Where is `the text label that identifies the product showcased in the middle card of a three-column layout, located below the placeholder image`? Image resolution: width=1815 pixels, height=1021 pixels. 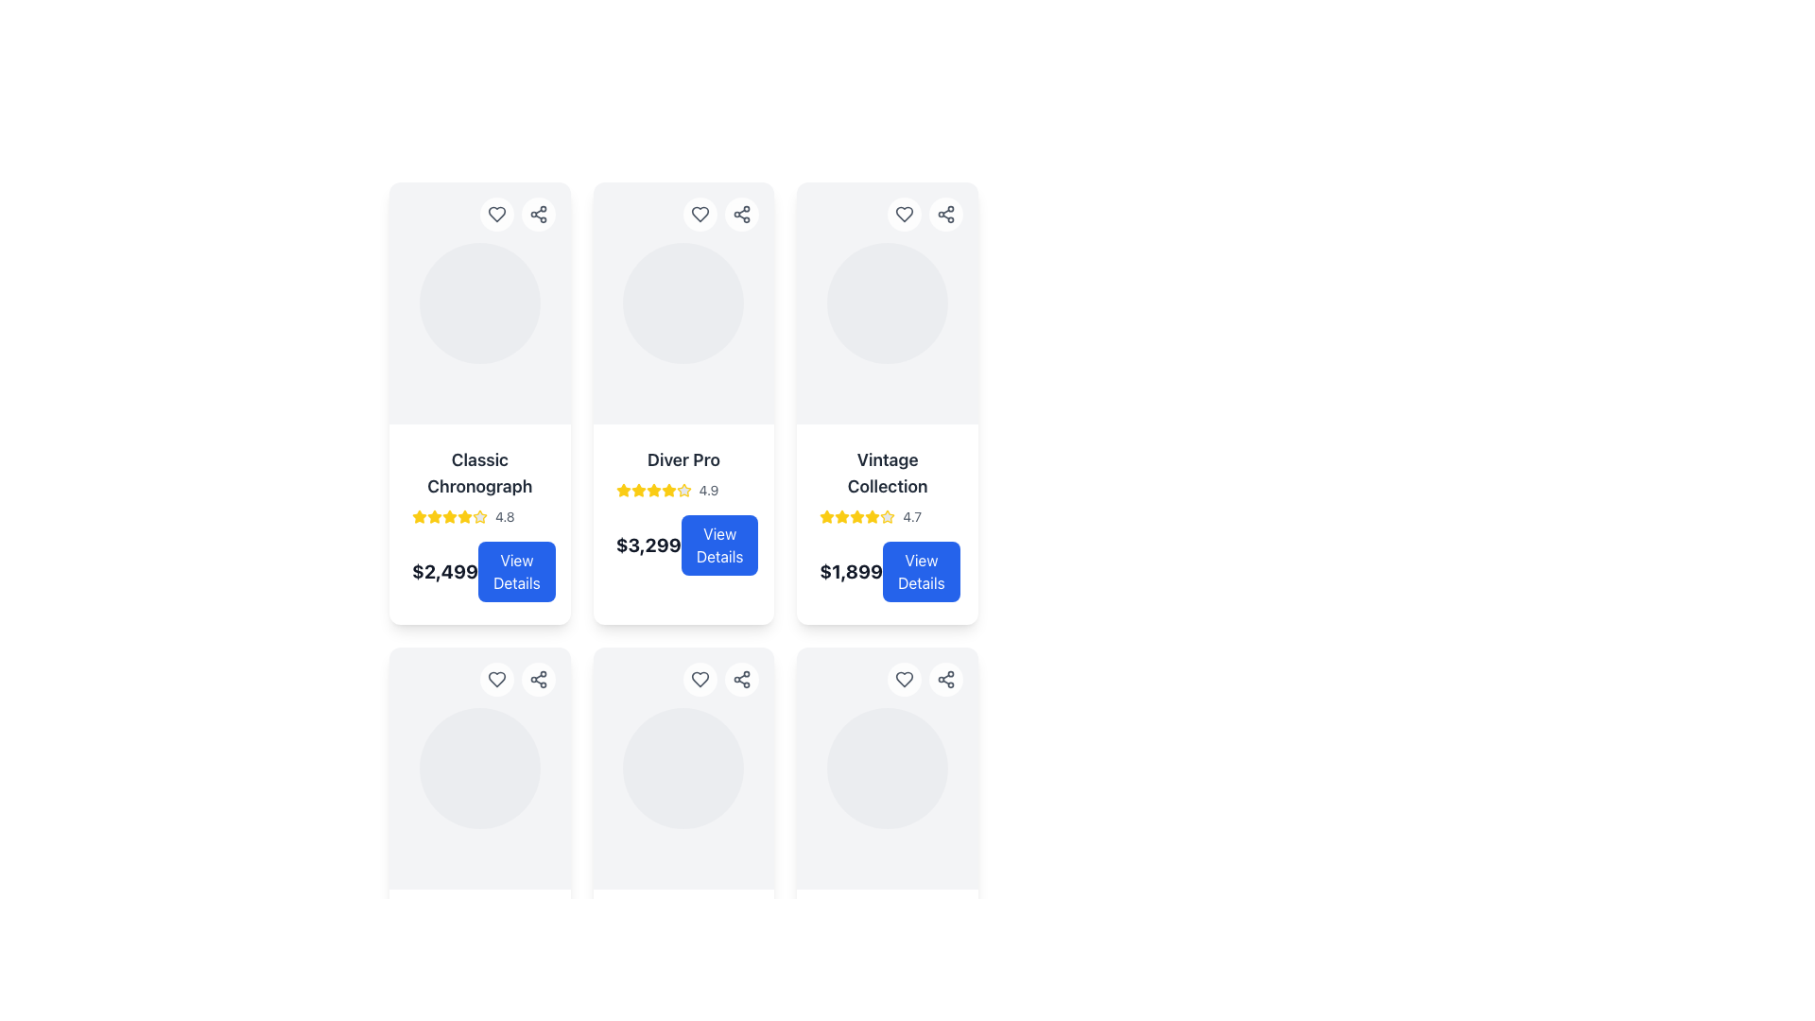 the text label that identifies the product showcased in the middle card of a three-column layout, located below the placeholder image is located at coordinates (683, 459).